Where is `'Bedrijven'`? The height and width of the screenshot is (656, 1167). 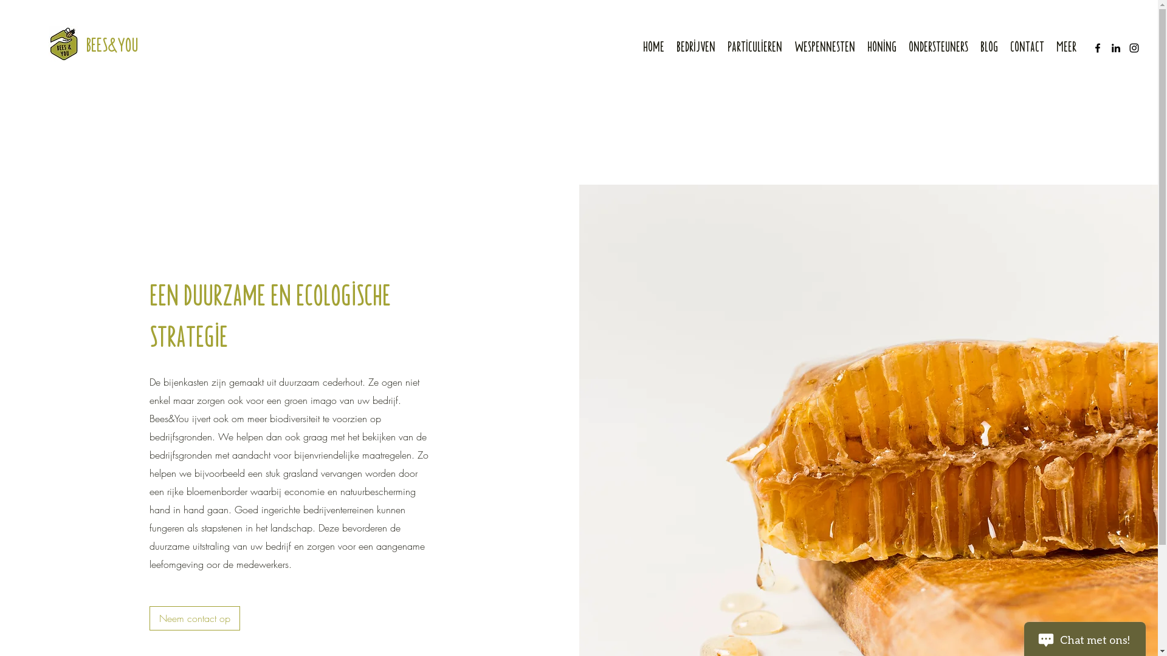
'Bedrijven' is located at coordinates (670, 45).